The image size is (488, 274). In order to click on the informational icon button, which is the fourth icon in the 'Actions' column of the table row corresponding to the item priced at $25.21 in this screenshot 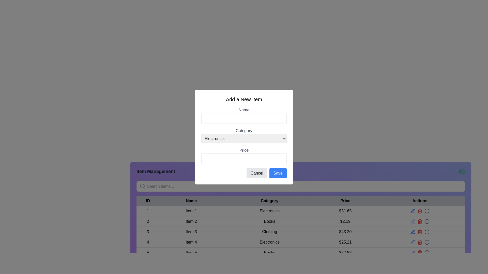, I will do `click(427, 211)`.